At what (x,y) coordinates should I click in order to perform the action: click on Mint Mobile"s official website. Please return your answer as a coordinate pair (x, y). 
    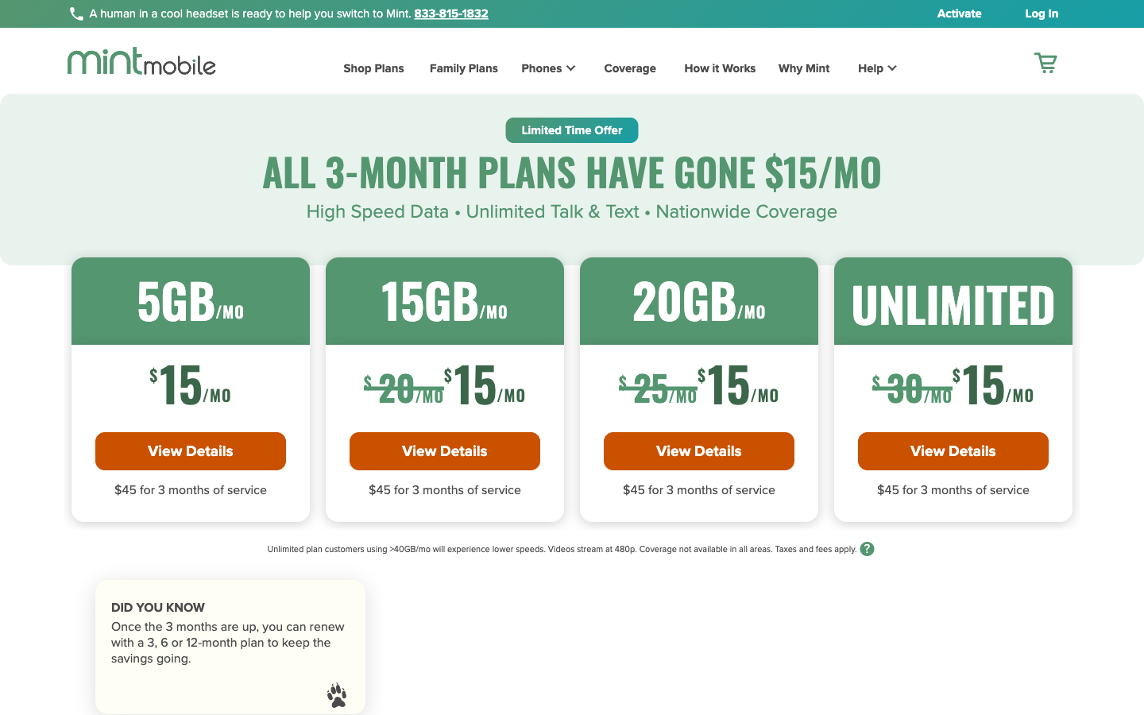
    Looking at the image, I should click on (141, 60).